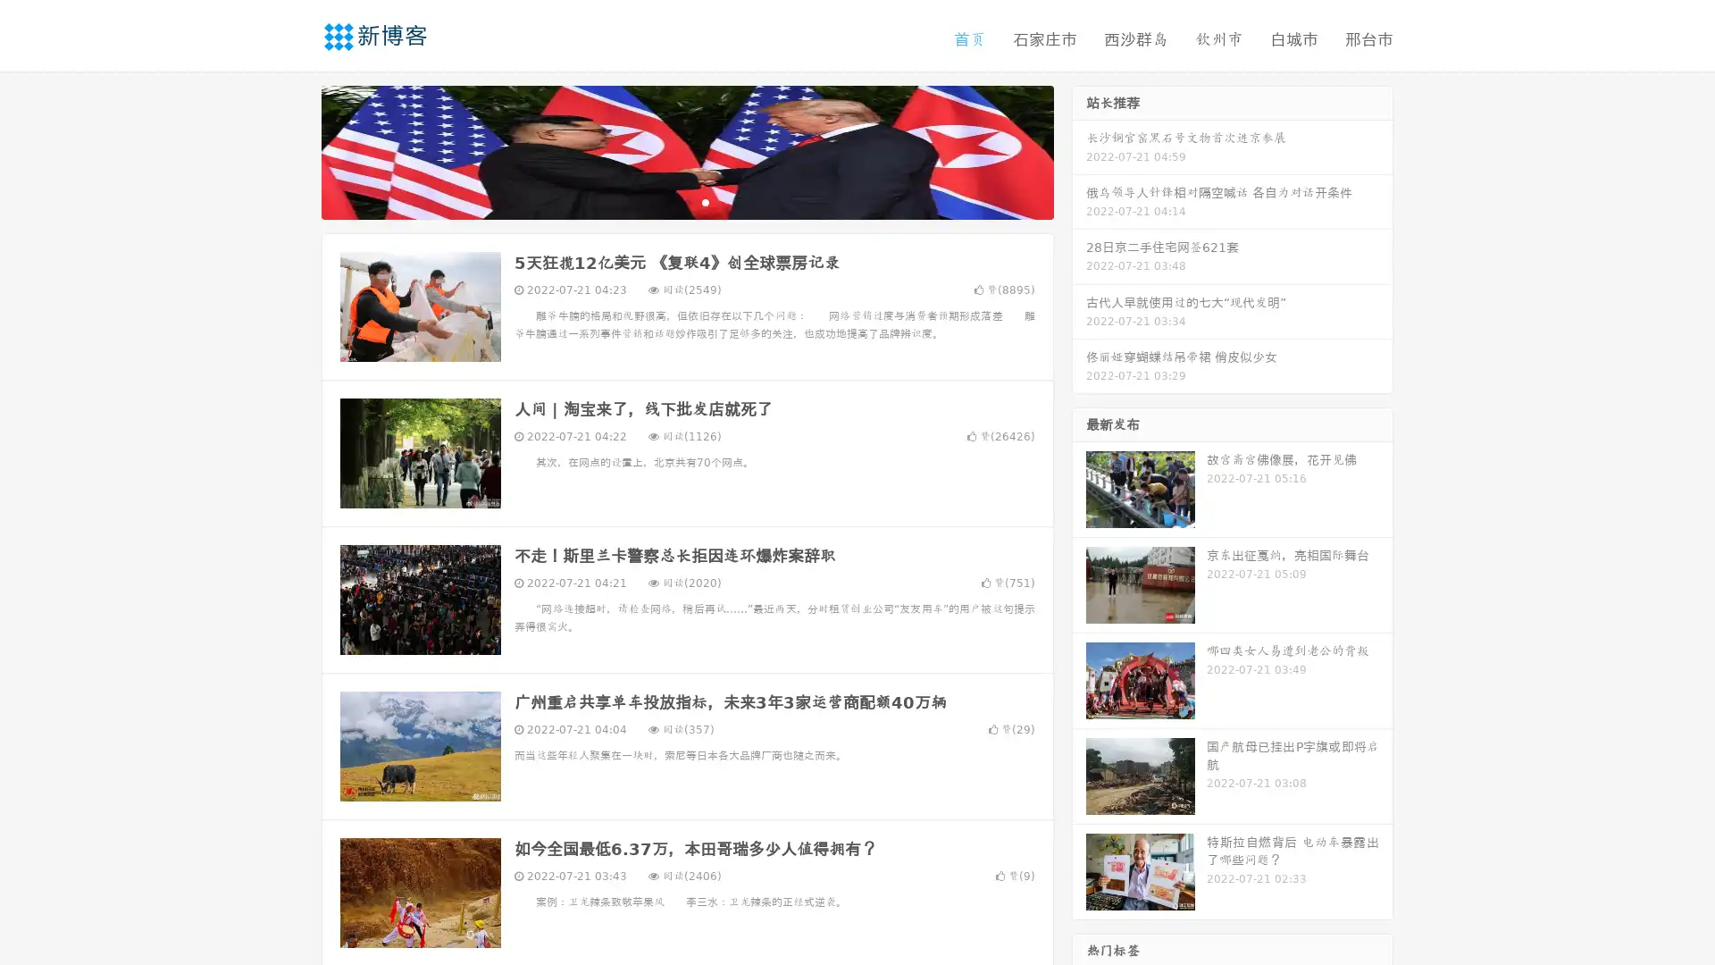 The width and height of the screenshot is (1715, 965). I want to click on Go to slide 1, so click(668, 201).